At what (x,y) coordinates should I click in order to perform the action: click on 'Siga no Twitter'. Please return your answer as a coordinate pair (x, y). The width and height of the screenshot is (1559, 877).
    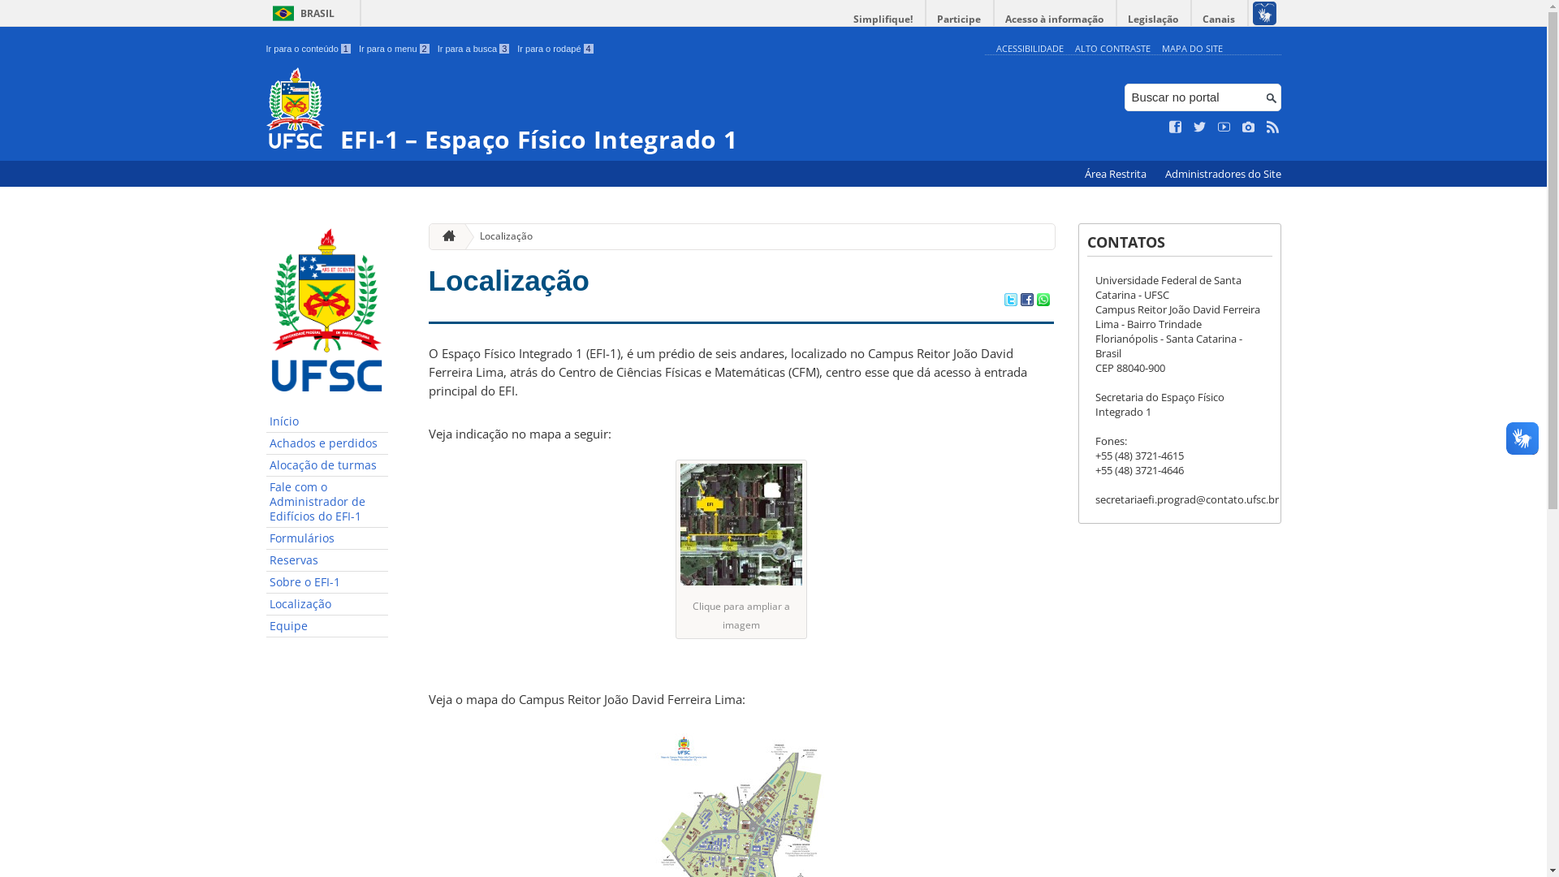
    Looking at the image, I should click on (1200, 127).